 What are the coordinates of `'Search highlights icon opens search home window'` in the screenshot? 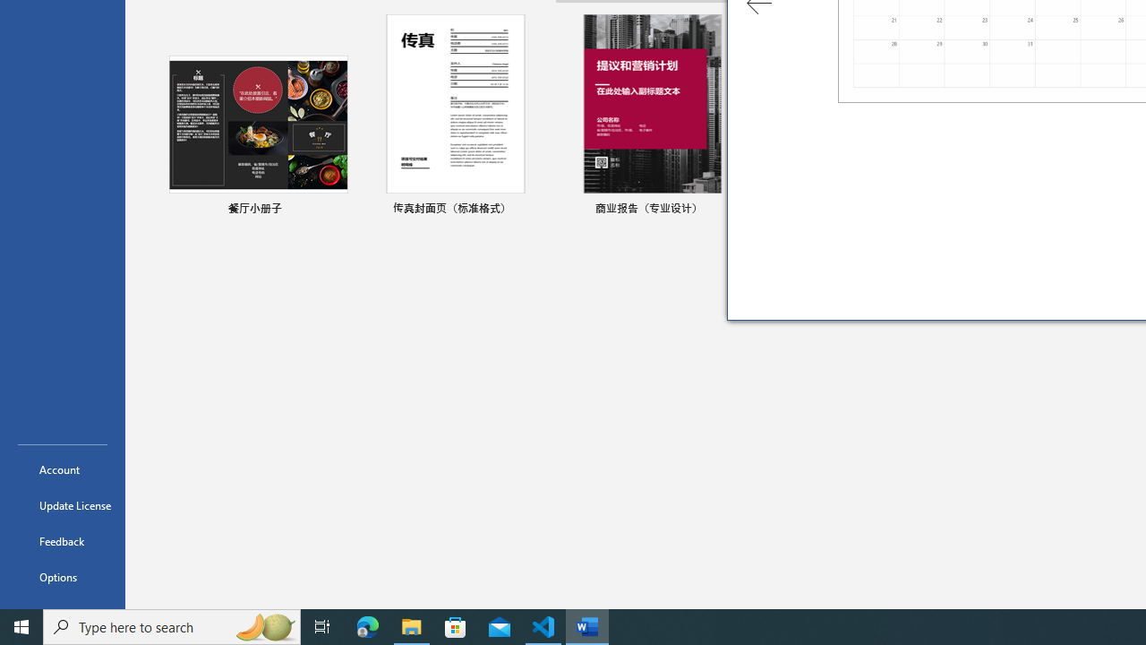 It's located at (263, 625).